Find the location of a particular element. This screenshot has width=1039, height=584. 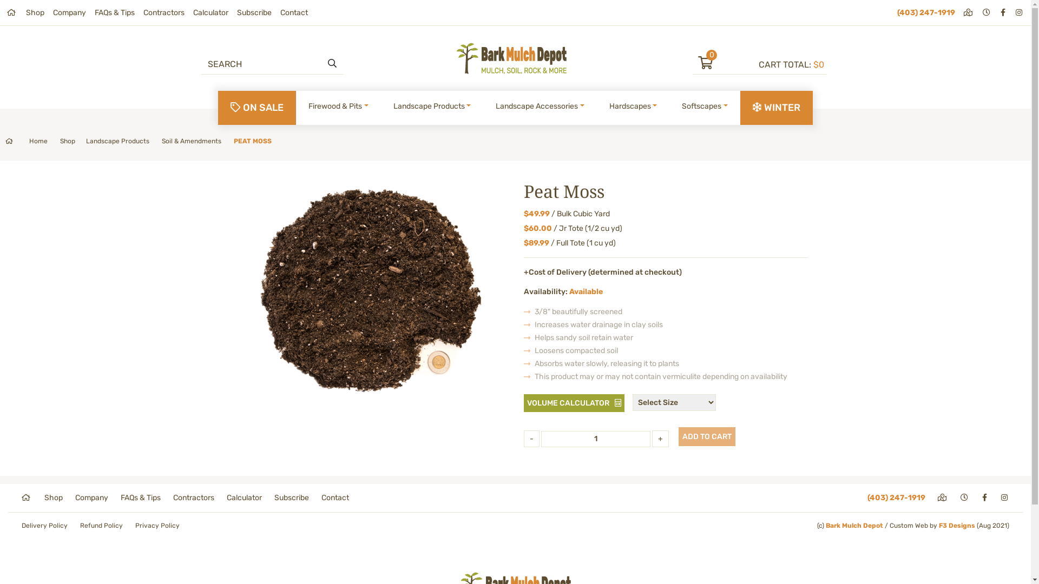

'(403) 247-1919' is located at coordinates (867, 497).